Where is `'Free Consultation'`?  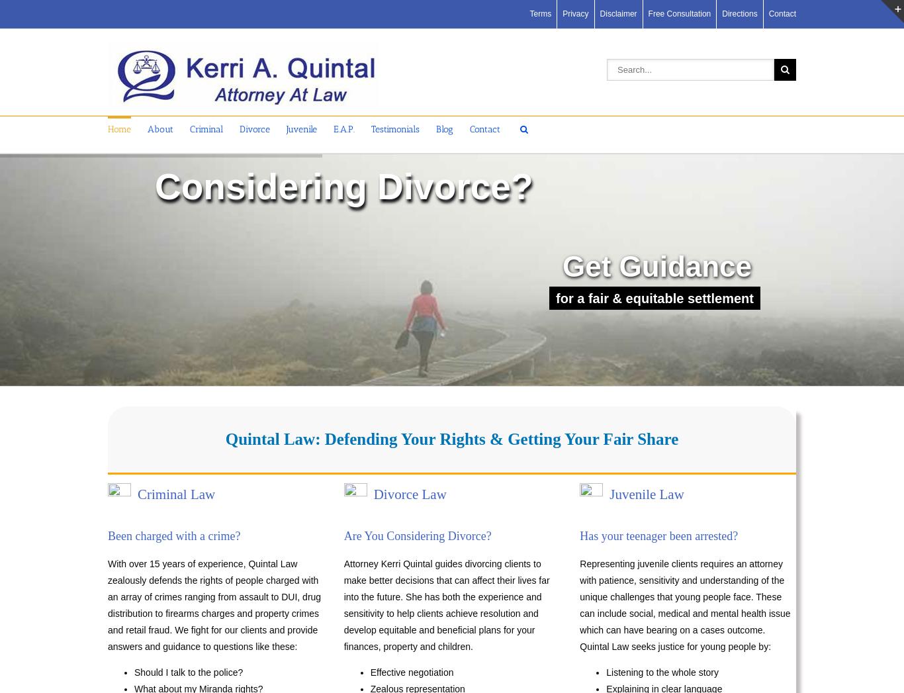
'Free Consultation' is located at coordinates (194, 314).